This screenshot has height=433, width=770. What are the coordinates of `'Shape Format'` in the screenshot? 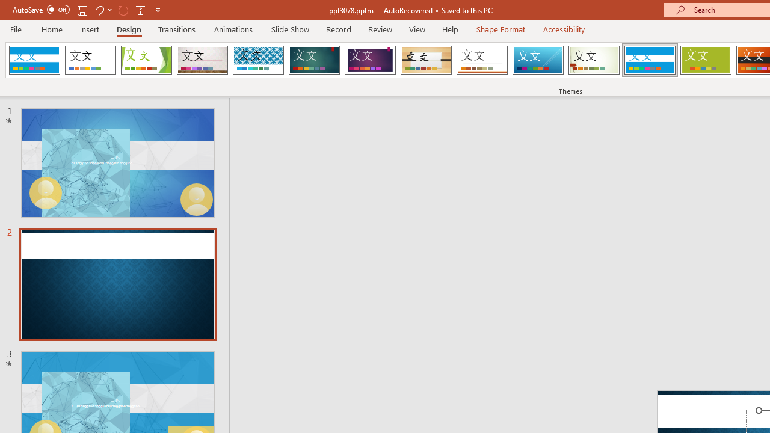 It's located at (500, 29).